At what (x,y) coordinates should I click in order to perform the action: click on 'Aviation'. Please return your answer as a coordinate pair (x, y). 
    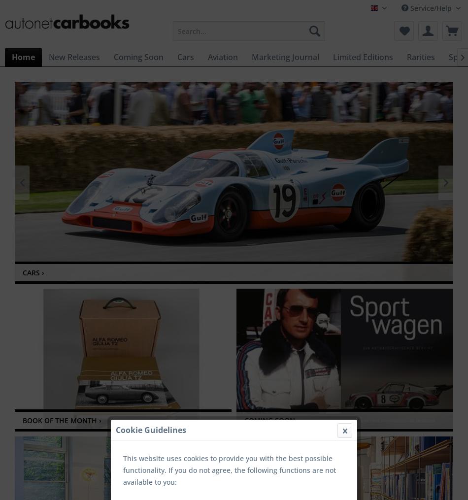
    Looking at the image, I should click on (222, 56).